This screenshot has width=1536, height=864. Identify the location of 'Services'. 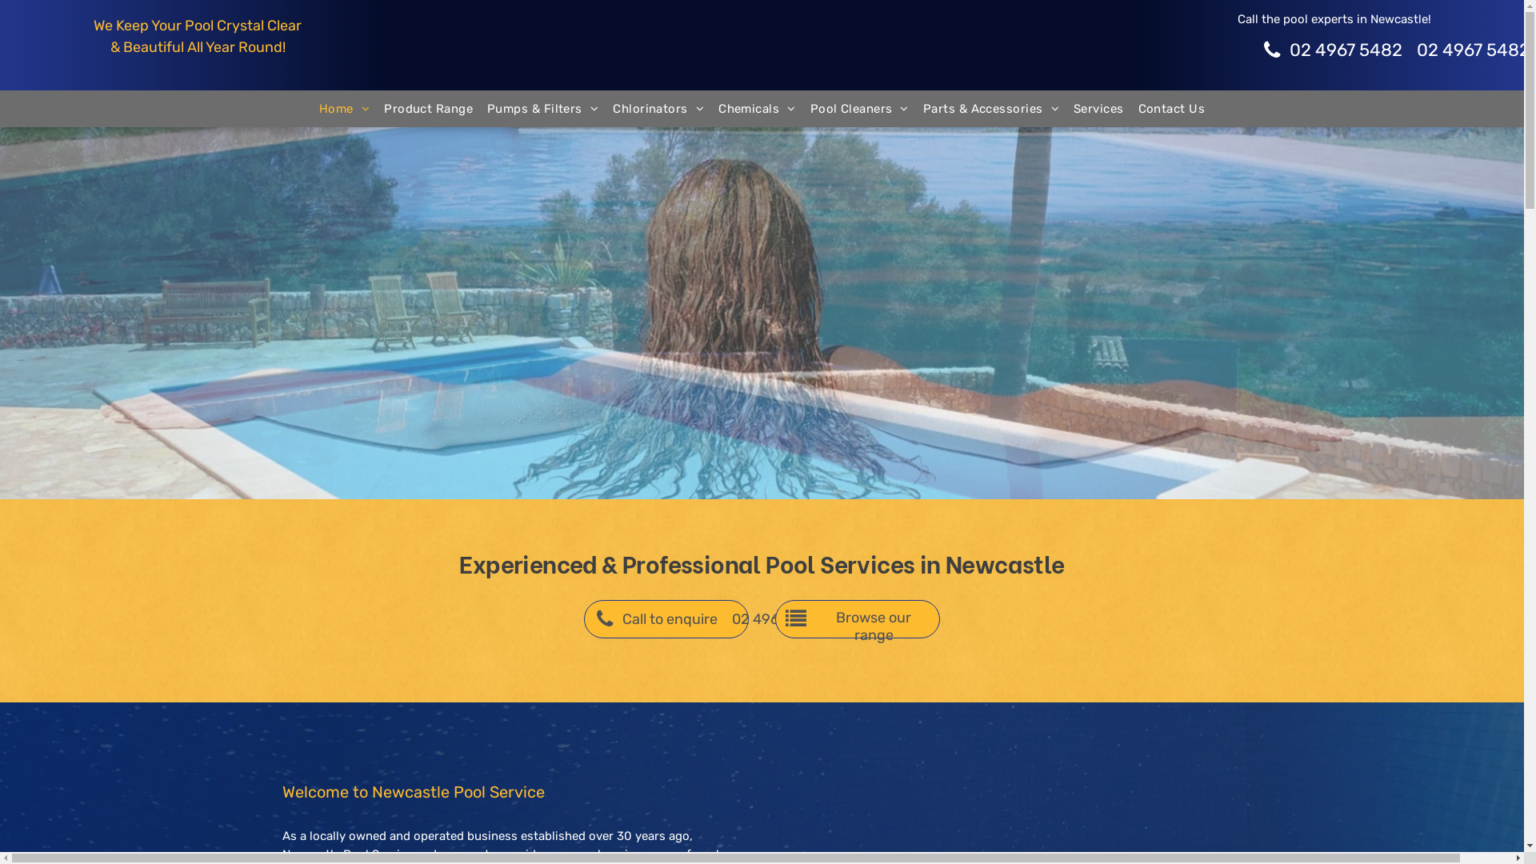
(1098, 108).